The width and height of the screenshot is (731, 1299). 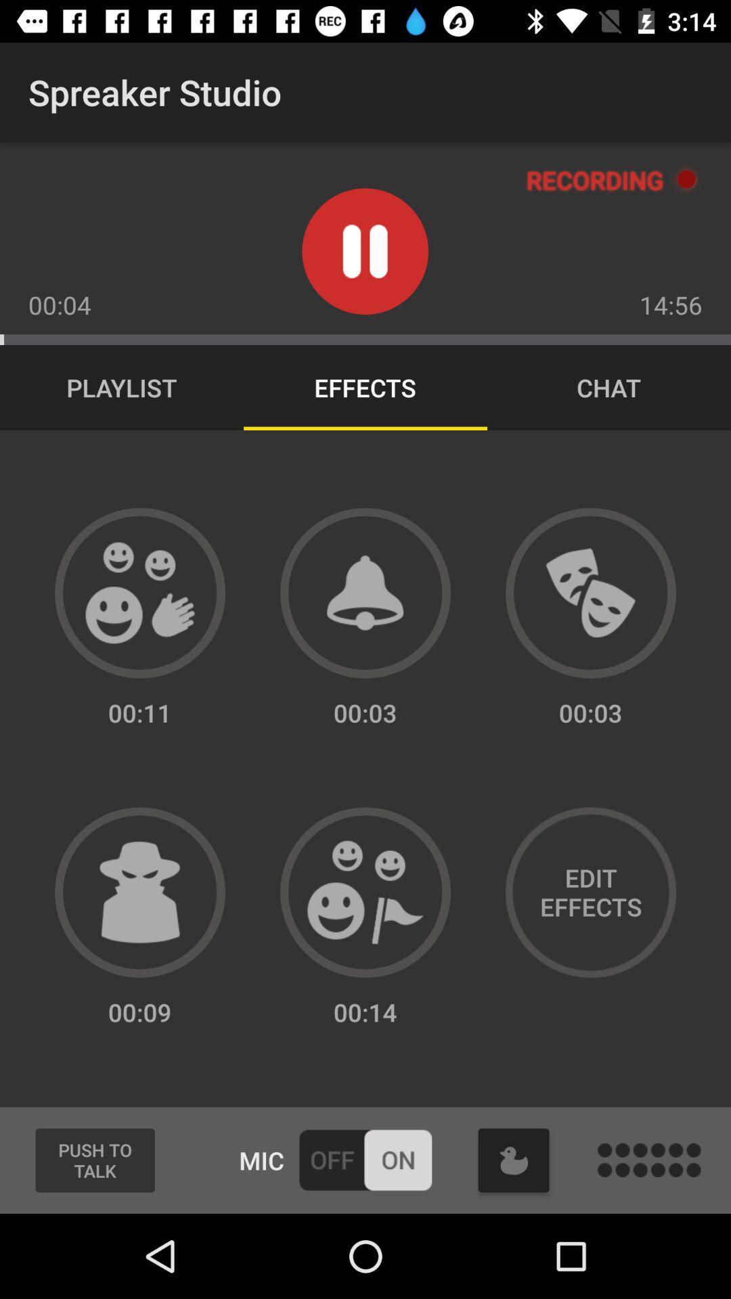 I want to click on tap notification optiion, so click(x=365, y=593).